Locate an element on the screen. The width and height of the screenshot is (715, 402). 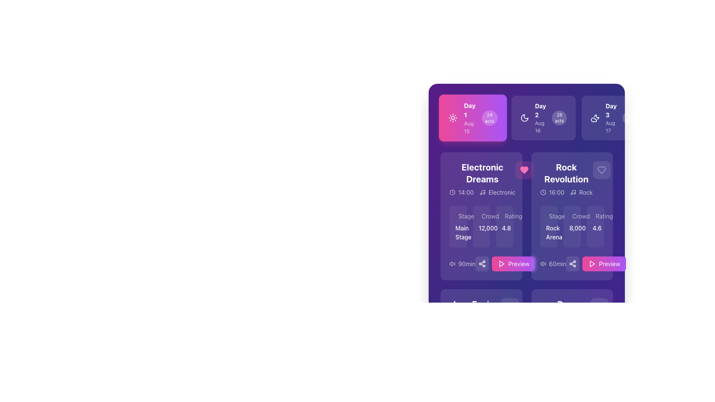
the heart icon located at the top-right section of the 'Electronic Dreams' card element is located at coordinates (524, 170).